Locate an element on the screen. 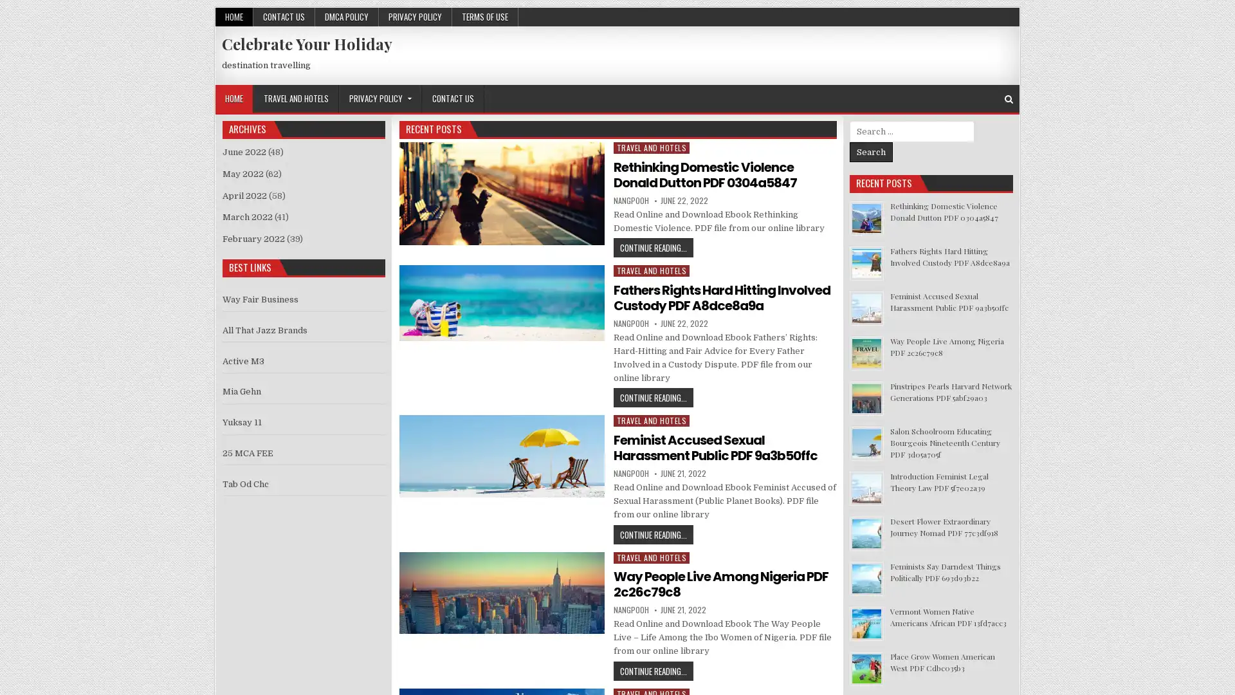 This screenshot has height=695, width=1235. Search is located at coordinates (871, 151).